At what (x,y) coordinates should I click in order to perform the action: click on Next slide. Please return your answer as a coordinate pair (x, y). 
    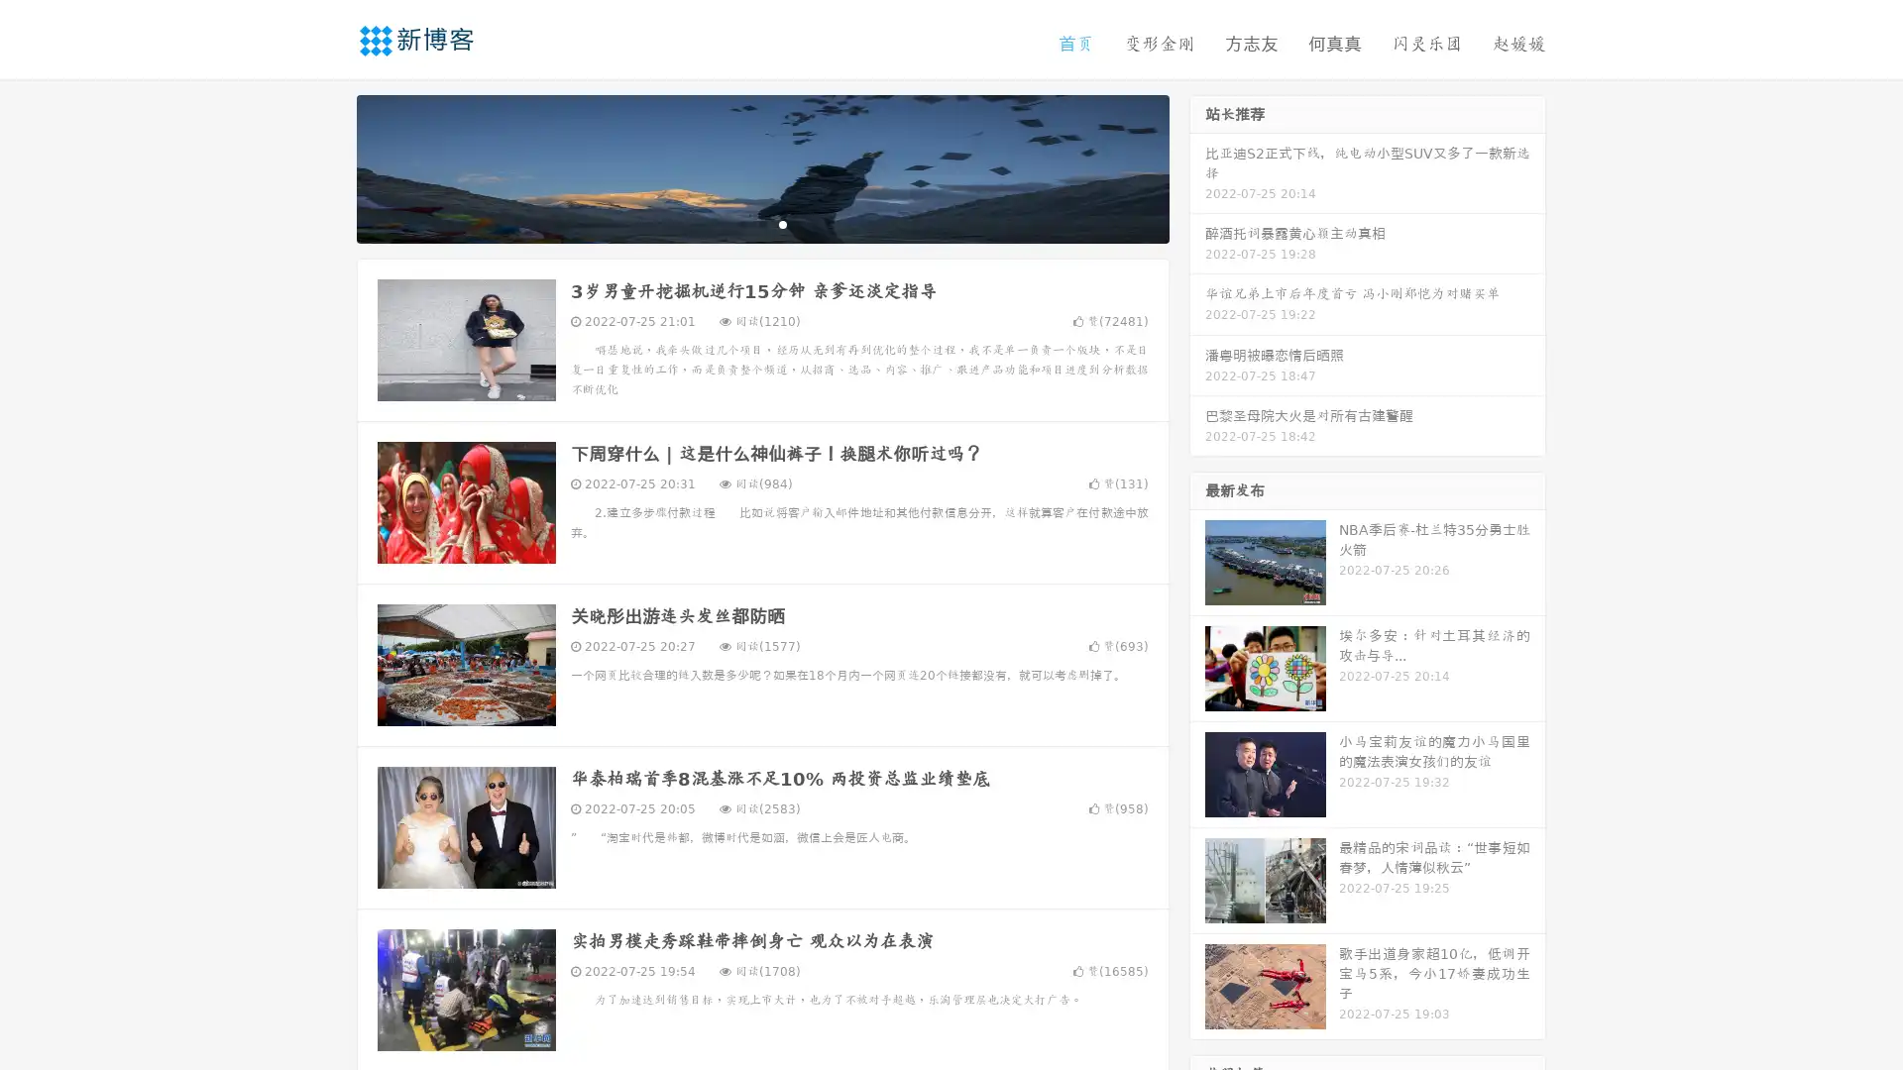
    Looking at the image, I should click on (1197, 166).